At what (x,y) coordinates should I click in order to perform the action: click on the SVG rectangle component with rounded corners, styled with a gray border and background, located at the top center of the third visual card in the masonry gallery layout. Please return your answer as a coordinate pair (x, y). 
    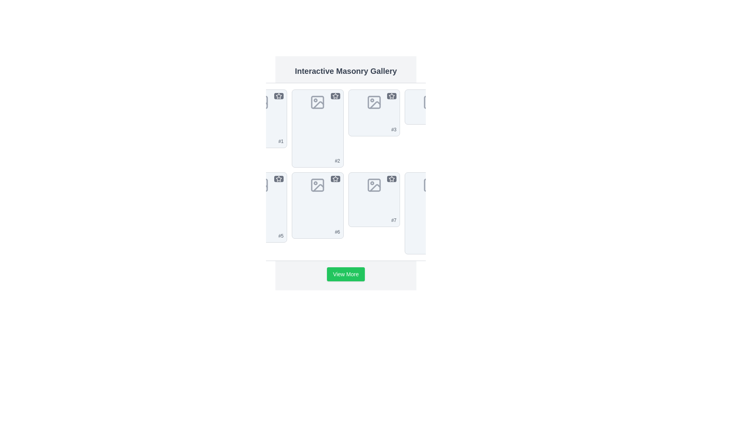
    Looking at the image, I should click on (373, 102).